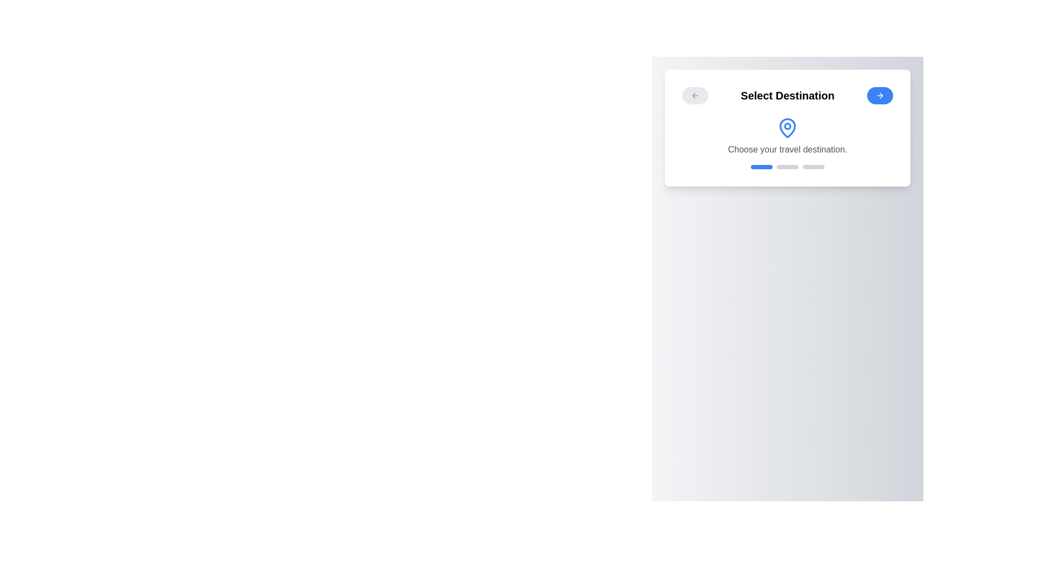 This screenshot has width=1038, height=584. Describe the element at coordinates (814, 167) in the screenshot. I see `the state of the third progress indicator located at the bottom of the card titled 'Select Destination'` at that location.